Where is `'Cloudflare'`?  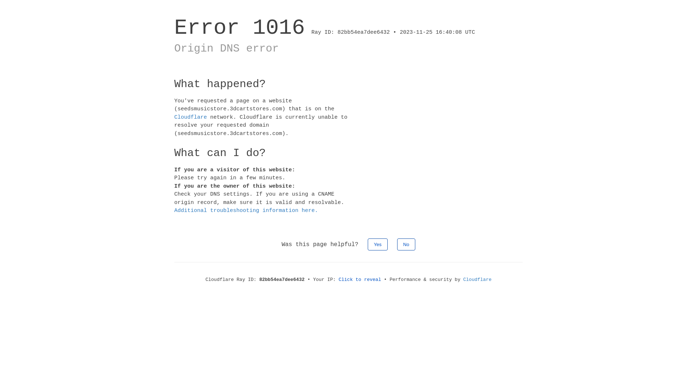
'Cloudflare' is located at coordinates (190, 117).